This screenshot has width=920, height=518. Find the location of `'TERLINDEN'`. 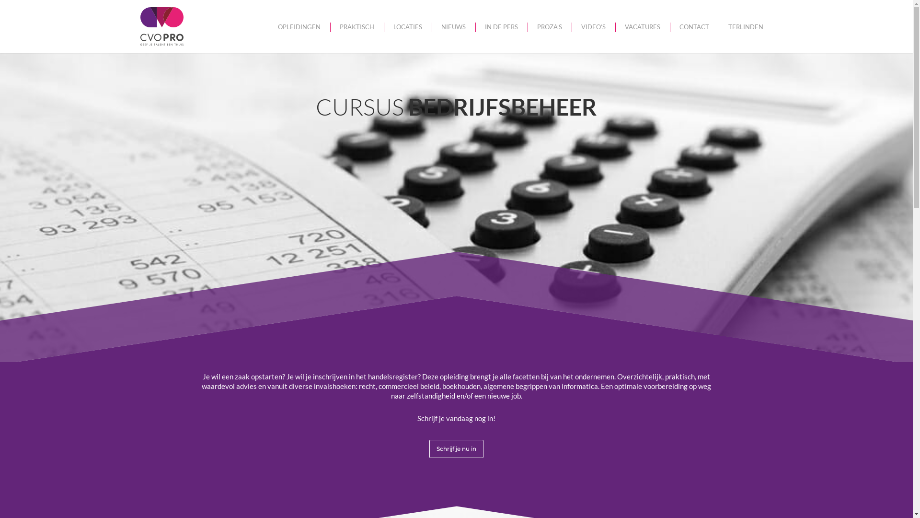

'TERLINDEN' is located at coordinates (745, 25).